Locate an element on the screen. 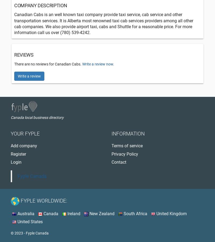  'Your Fyple' is located at coordinates (25, 133).